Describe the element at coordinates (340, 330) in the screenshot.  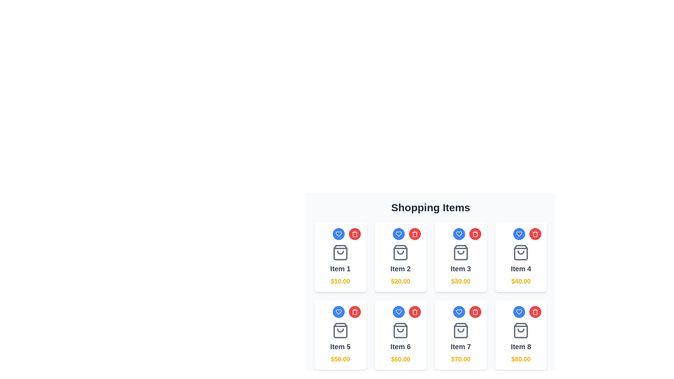
I see `the shopping bag icon component that represents 'Item 5' in the second row, first column of the item grid` at that location.